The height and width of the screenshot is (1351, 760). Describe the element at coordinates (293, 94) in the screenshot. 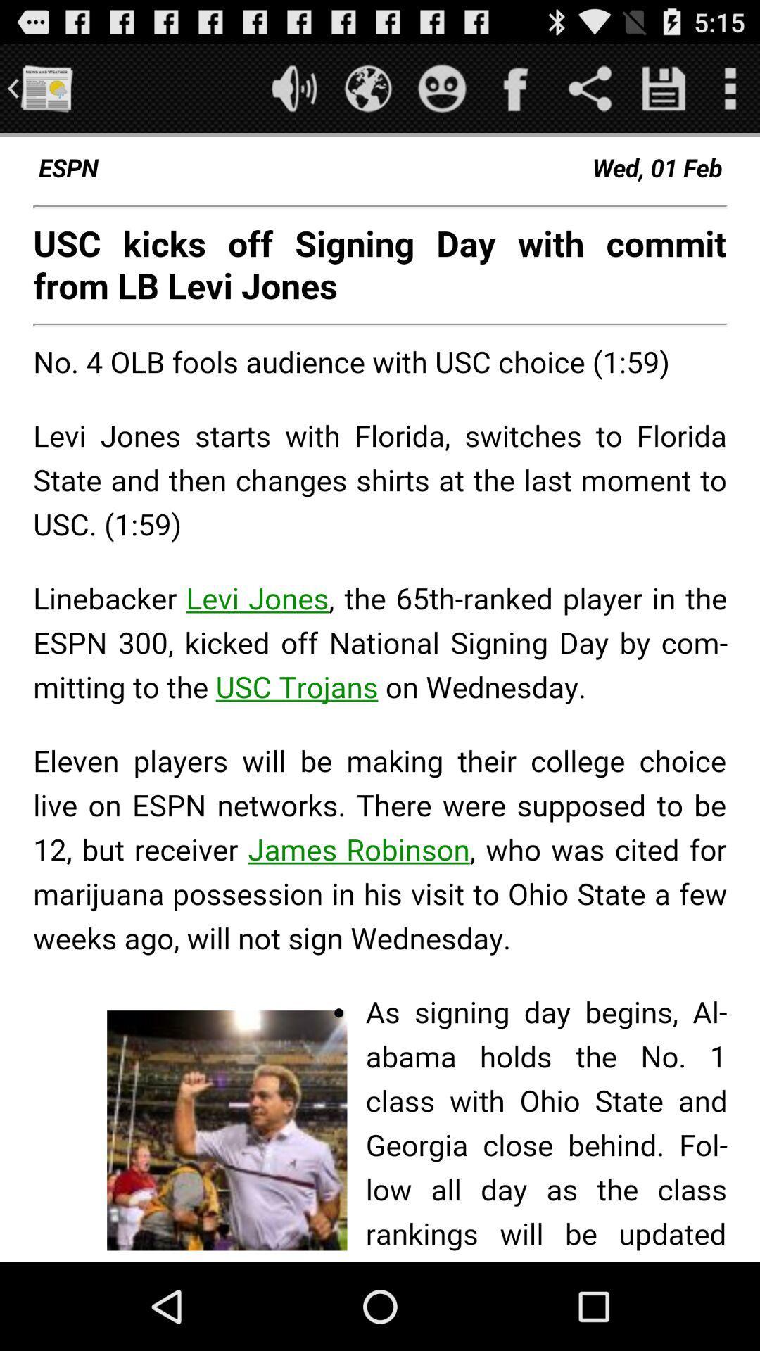

I see `the volume icon` at that location.